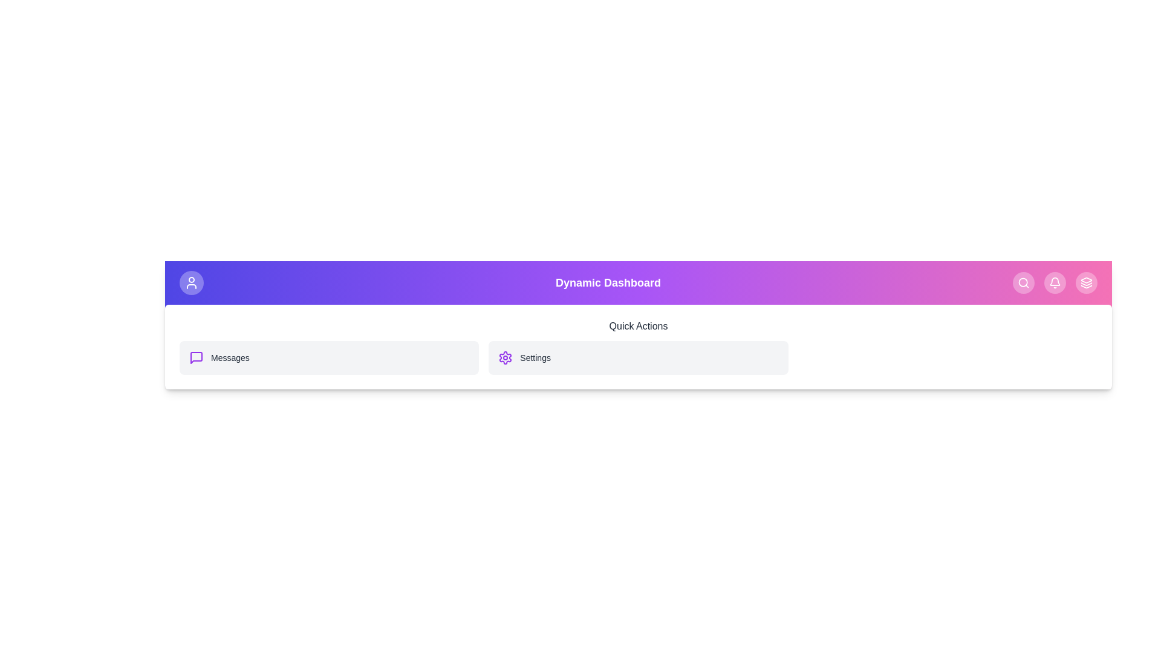 This screenshot has height=653, width=1161. What do you see at coordinates (190, 282) in the screenshot?
I see `the user icon to toggle the user menu` at bounding box center [190, 282].